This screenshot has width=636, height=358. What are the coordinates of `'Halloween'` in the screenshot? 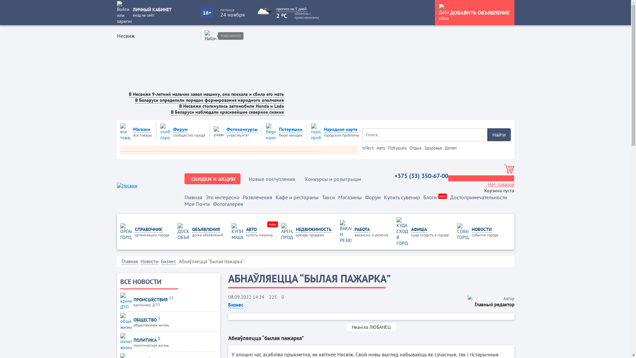 It's located at (231, 35).